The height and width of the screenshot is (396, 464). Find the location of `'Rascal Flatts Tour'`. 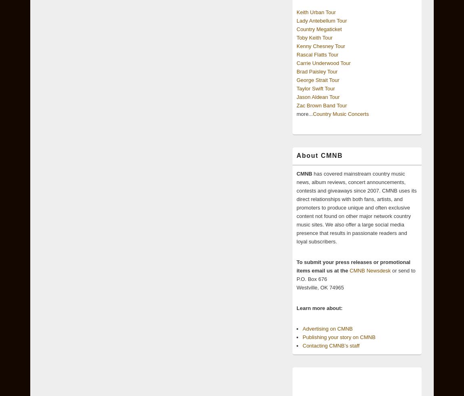

'Rascal Flatts Tour' is located at coordinates (317, 54).